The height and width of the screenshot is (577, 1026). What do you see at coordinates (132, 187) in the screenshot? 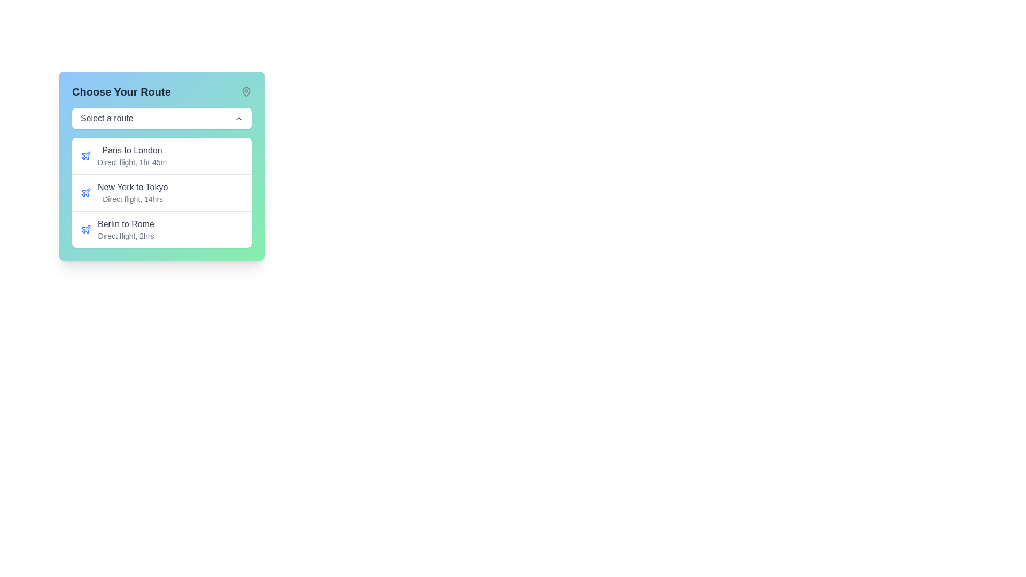
I see `text label indicating the flight route from New York to Tokyo, positioned between 'Paris to London' and 'Berlin to Rome' in the dropdown list` at bounding box center [132, 187].